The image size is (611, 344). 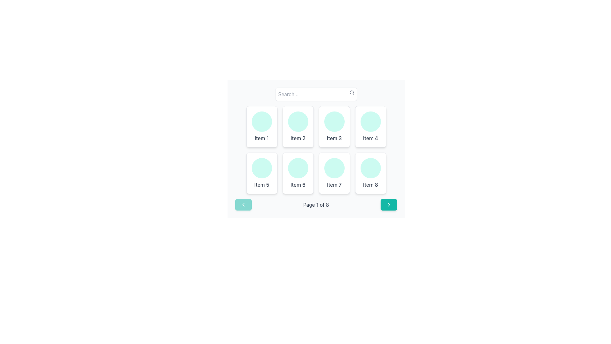 What do you see at coordinates (334, 173) in the screenshot?
I see `the grid item displaying 'Item 7', which is the seventh item in the grid, located in the bottom row, second column from the right` at bounding box center [334, 173].